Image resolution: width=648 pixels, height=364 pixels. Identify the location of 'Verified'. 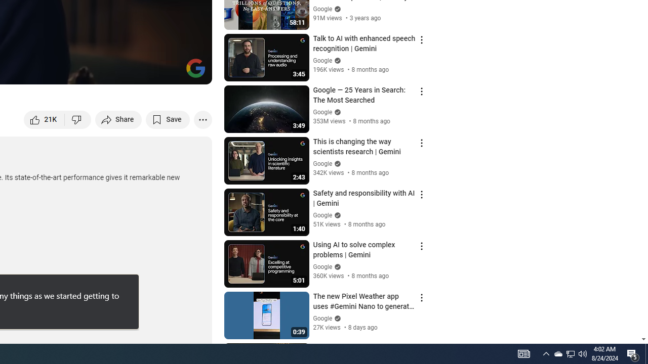
(336, 317).